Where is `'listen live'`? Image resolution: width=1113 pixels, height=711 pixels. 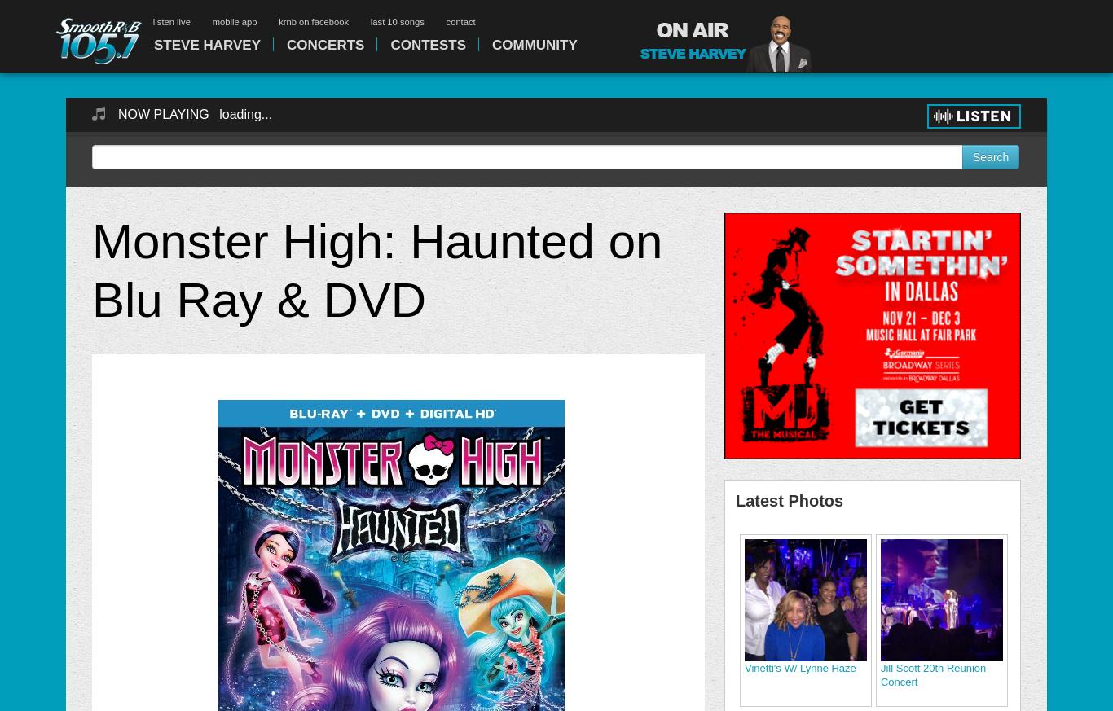
'listen live' is located at coordinates (152, 20).